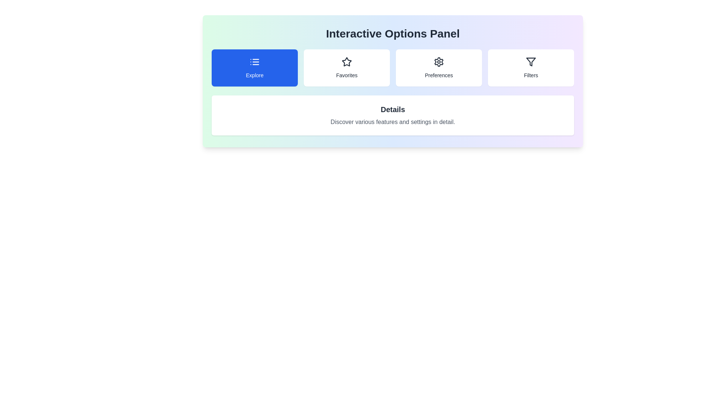 This screenshot has width=713, height=401. I want to click on the 'Preferences' button, which displays a cogwheel icon above the label, so click(439, 68).